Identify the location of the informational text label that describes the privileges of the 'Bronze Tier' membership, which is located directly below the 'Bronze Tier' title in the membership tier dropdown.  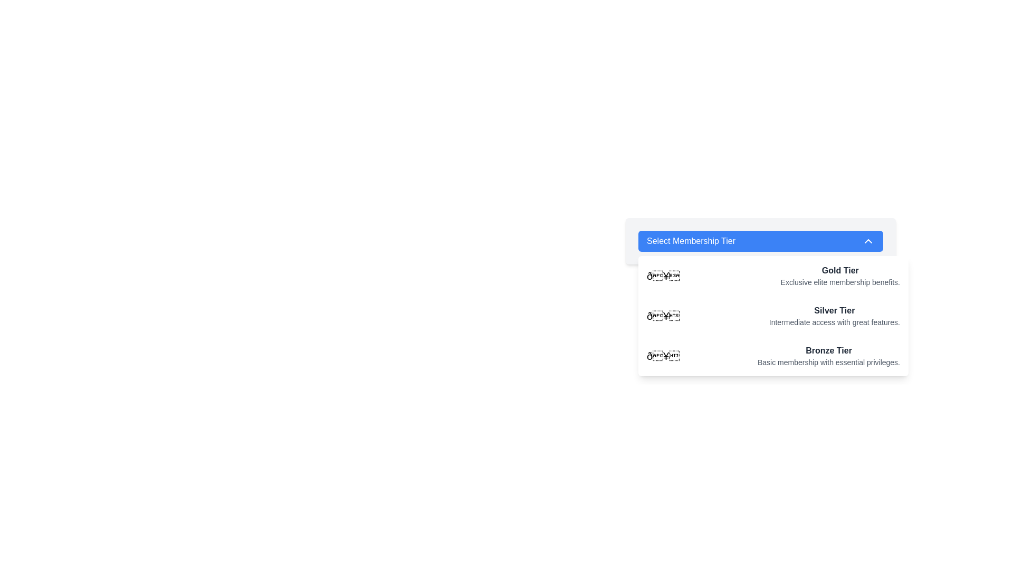
(828, 361).